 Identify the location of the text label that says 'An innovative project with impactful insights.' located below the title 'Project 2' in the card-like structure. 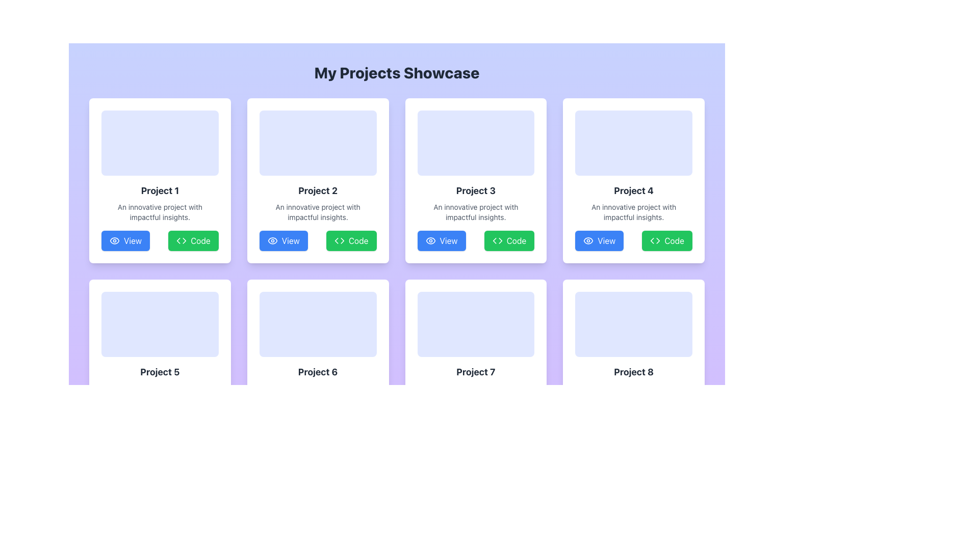
(317, 211).